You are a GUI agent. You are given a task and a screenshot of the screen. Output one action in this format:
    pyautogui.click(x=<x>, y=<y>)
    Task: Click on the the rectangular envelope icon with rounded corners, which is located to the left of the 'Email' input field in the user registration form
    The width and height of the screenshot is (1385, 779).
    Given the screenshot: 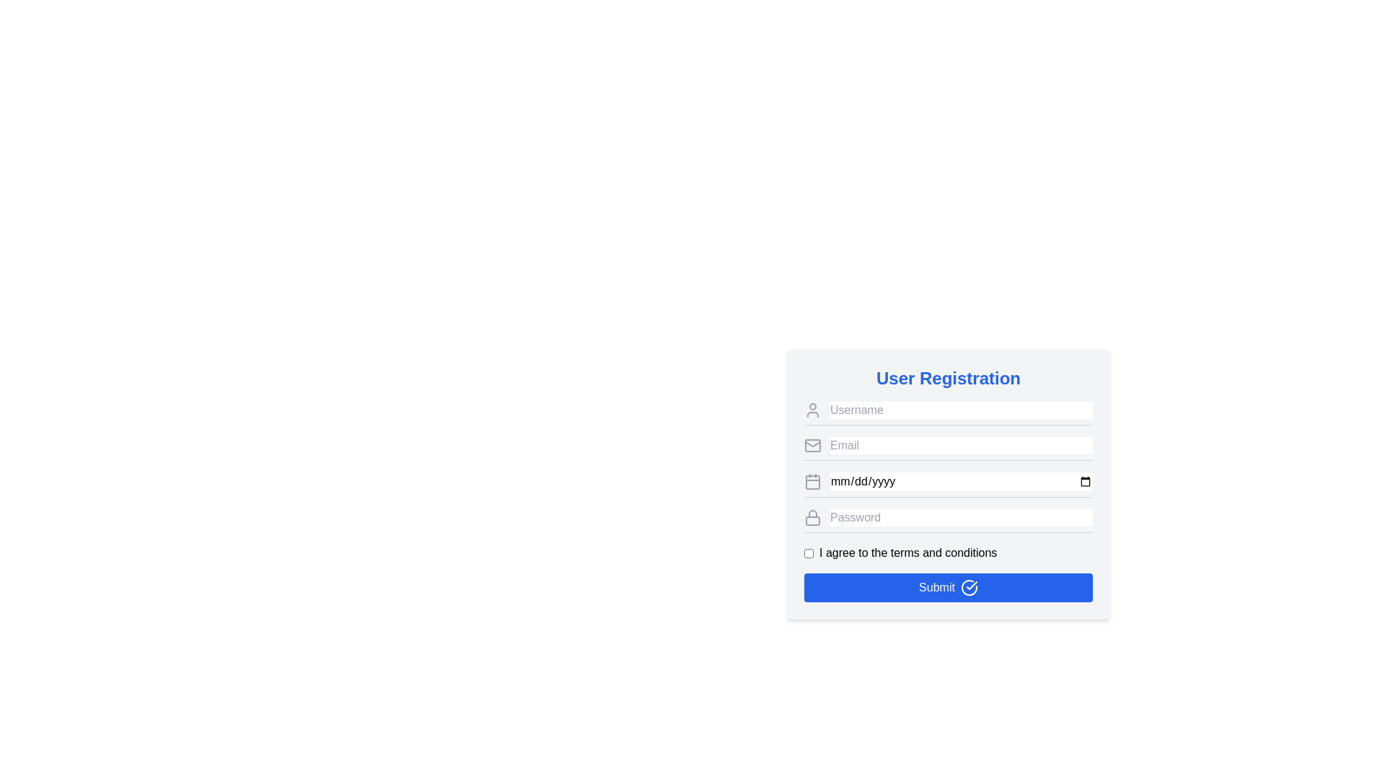 What is the action you would take?
    pyautogui.click(x=813, y=444)
    